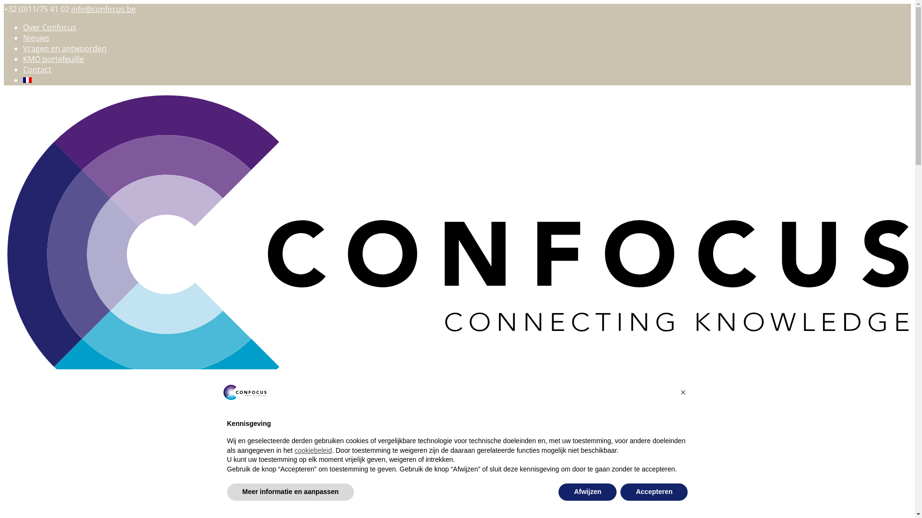 Image resolution: width=922 pixels, height=518 pixels. I want to click on 'Sectoren', so click(38, 441).